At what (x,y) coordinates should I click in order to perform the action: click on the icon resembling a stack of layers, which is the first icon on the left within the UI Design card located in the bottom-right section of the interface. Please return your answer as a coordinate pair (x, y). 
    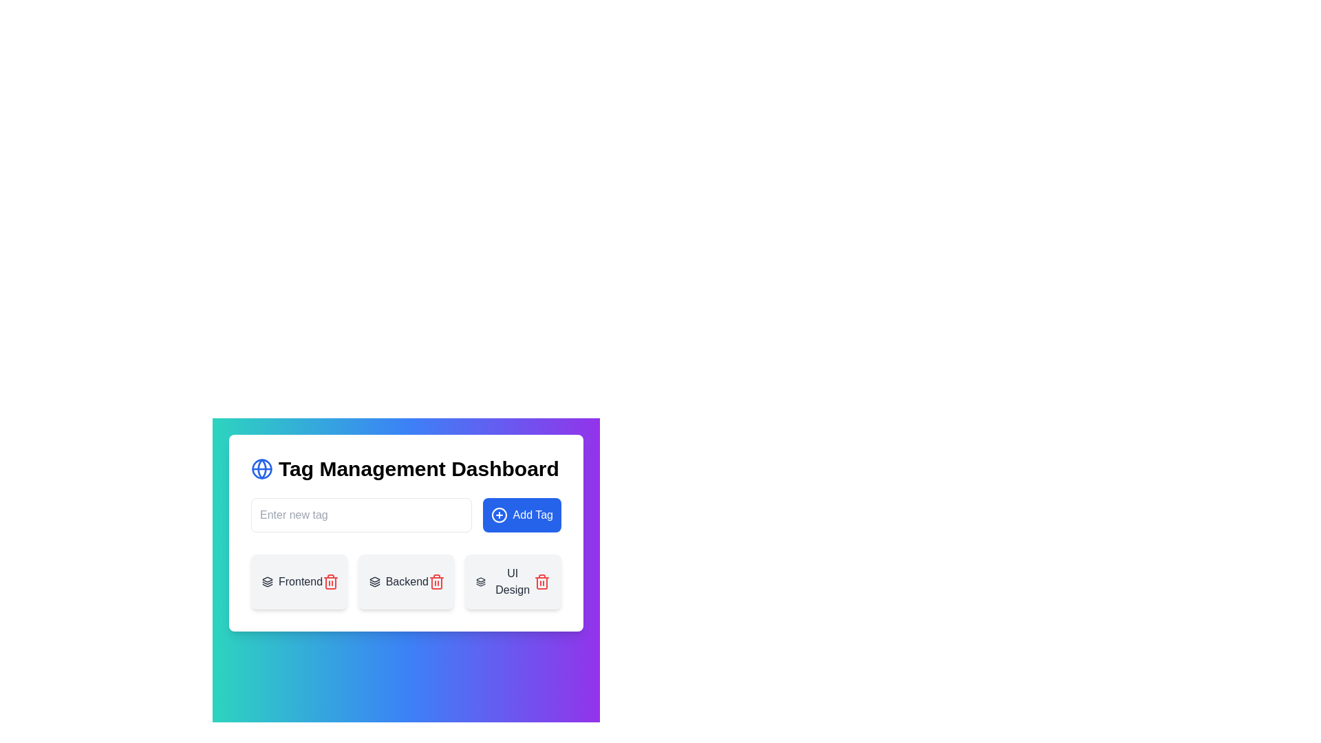
    Looking at the image, I should click on (481, 581).